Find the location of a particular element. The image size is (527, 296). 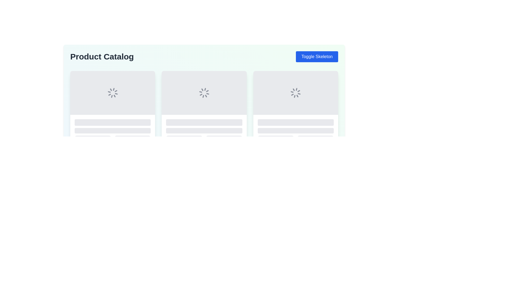

the second loading/placeholder card in the grid layout that indicates content is being loaded is located at coordinates (204, 108).